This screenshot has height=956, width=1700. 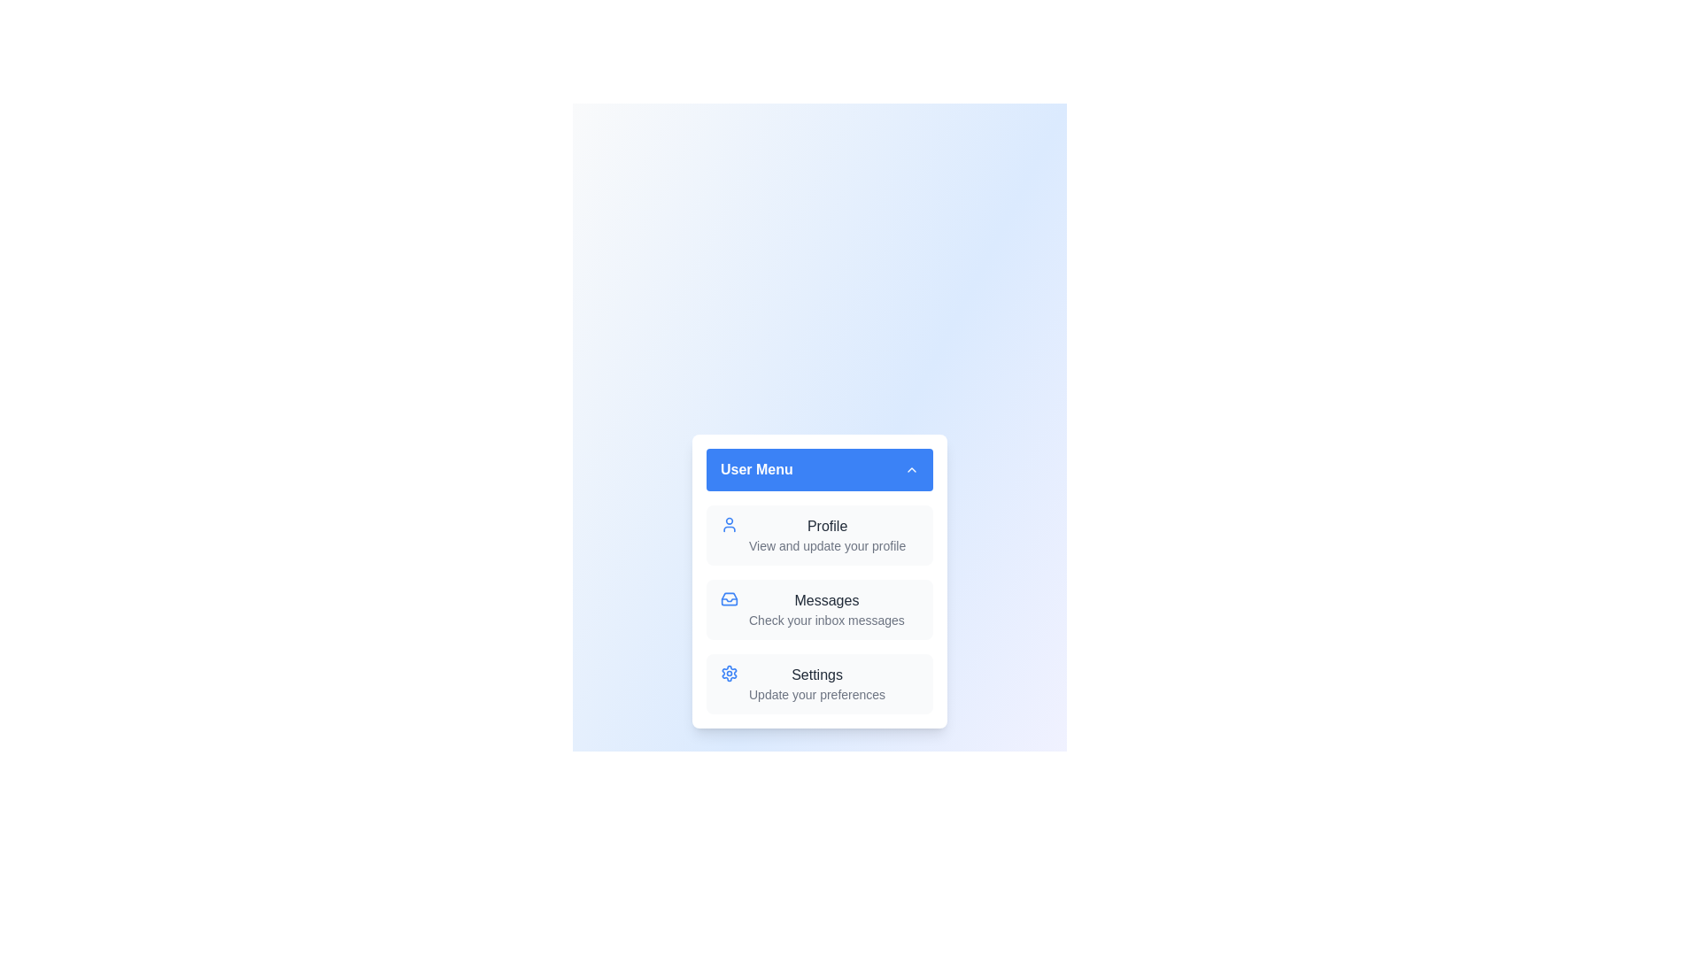 What do you see at coordinates (819, 535) in the screenshot?
I see `the menu item Profile to highlight it` at bounding box center [819, 535].